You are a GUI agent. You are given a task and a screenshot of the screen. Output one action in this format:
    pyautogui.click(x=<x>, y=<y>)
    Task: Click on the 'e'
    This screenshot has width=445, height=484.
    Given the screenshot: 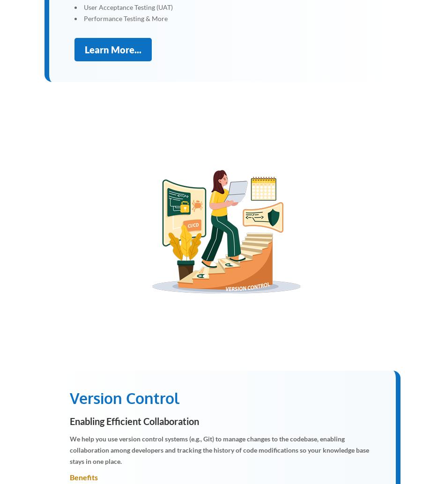 What is the action you would take?
    pyautogui.click(x=215, y=229)
    